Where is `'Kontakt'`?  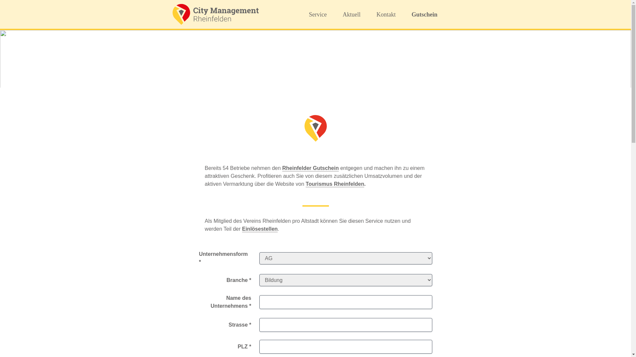 'Kontakt' is located at coordinates (386, 14).